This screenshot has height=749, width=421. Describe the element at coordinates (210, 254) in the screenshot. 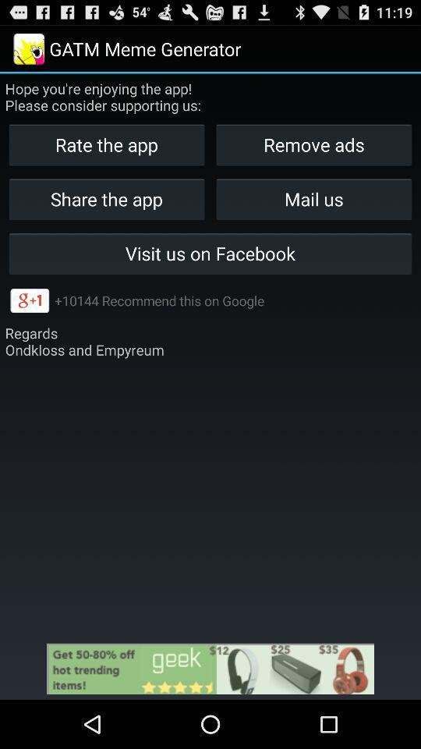

I see `visit us on` at that location.